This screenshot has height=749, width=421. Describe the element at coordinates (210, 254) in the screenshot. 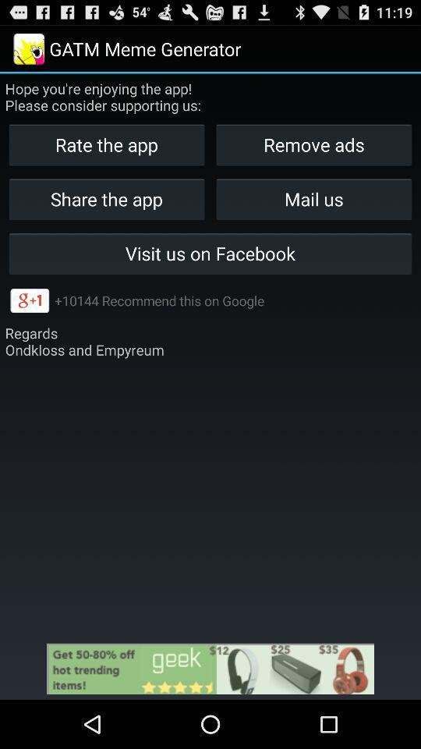

I see `visit us on` at that location.